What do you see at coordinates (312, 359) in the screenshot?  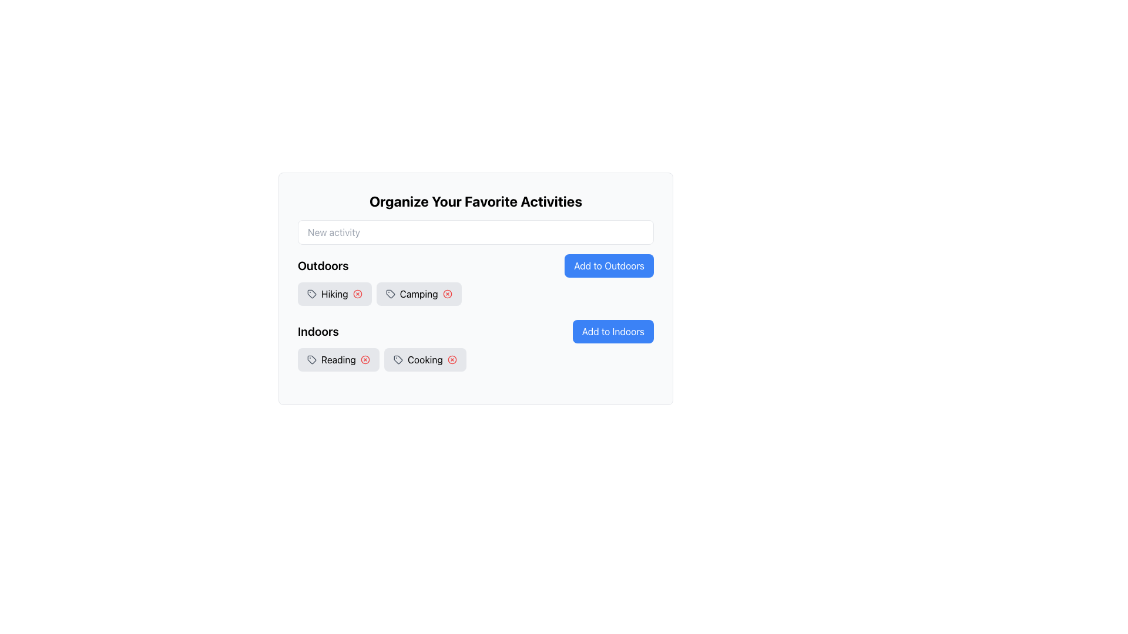 I see `the gray tag icon located to the left of the 'Reading' text in the 'Indoors' category` at bounding box center [312, 359].